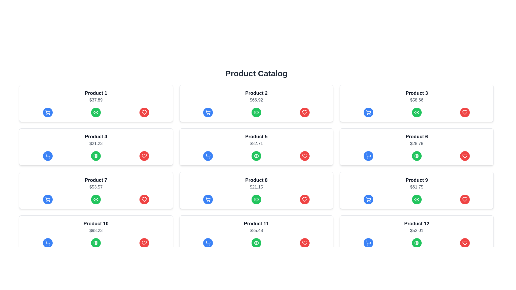 The width and height of the screenshot is (516, 290). I want to click on the circular red button with a white heart icon located in the 'Product 1' card, so click(144, 112).